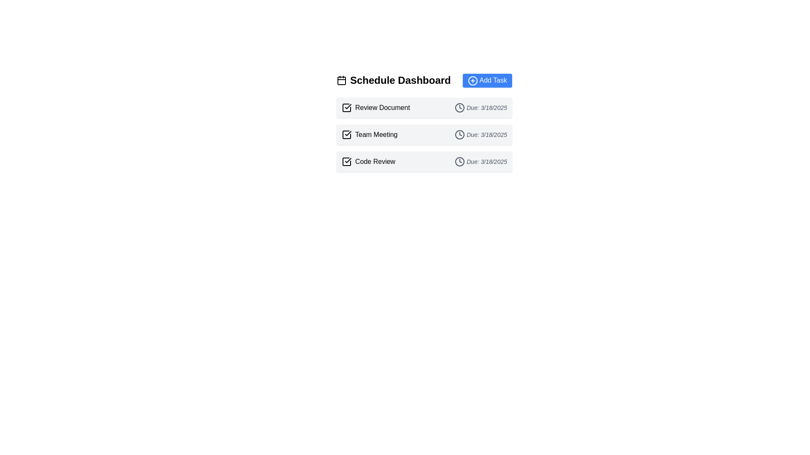  I want to click on the circular graphical icon component of the clock icon that indicates the due date for the 'Review Document' task, so click(459, 107).